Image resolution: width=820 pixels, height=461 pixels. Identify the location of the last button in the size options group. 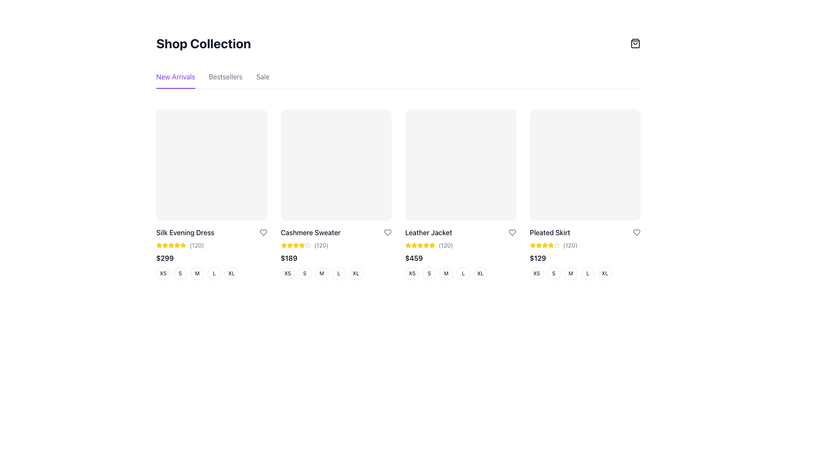
(604, 273).